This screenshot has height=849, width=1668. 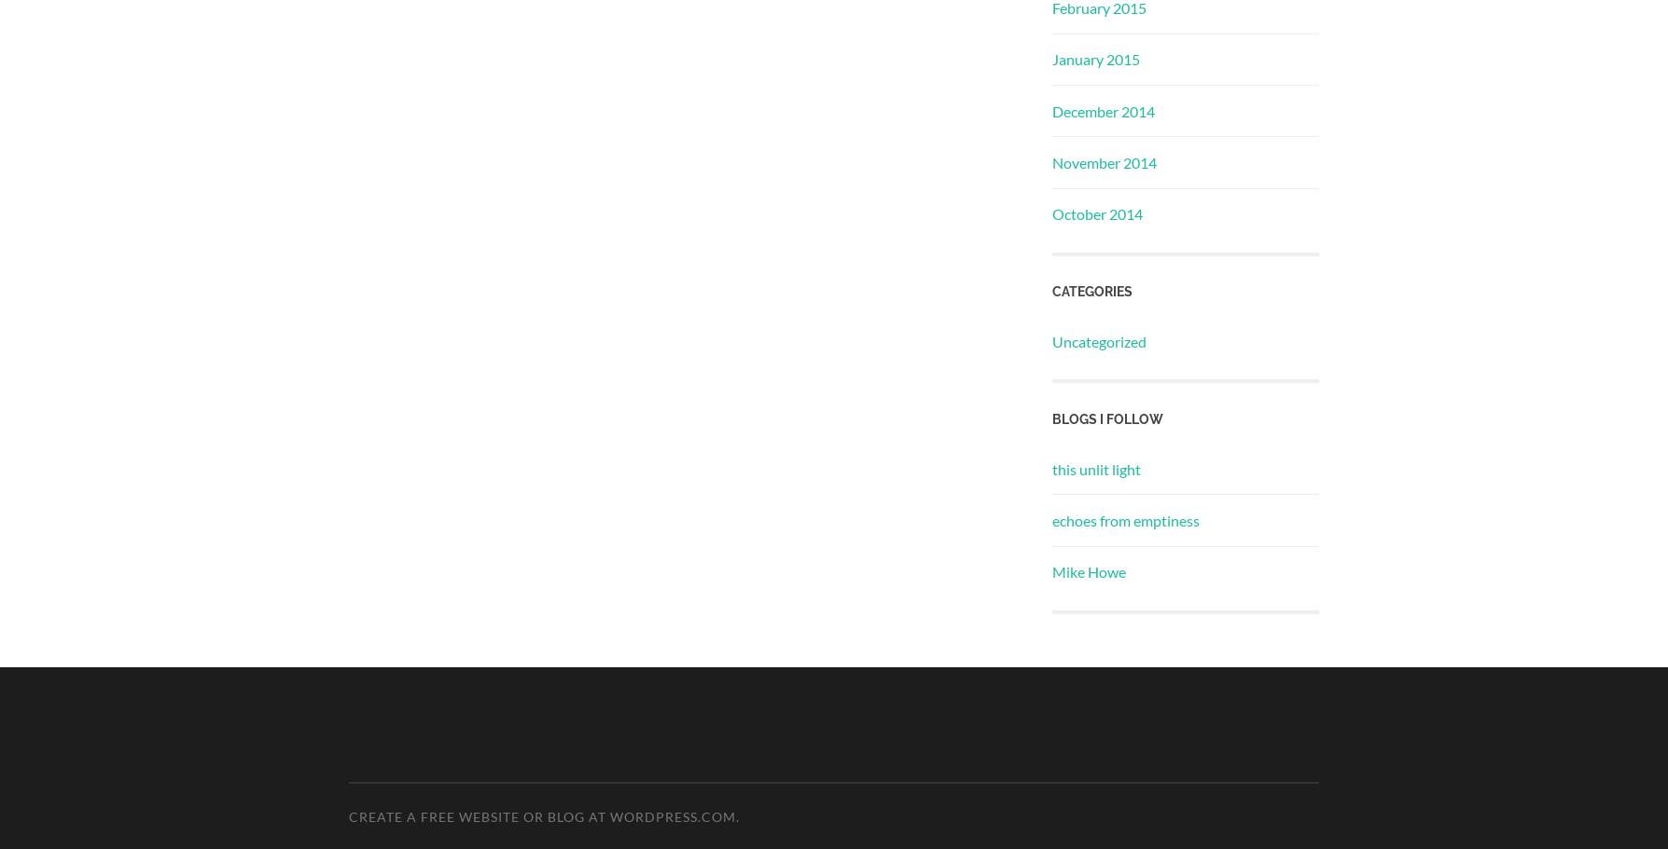 I want to click on 'this unlit light', so click(x=1095, y=468).